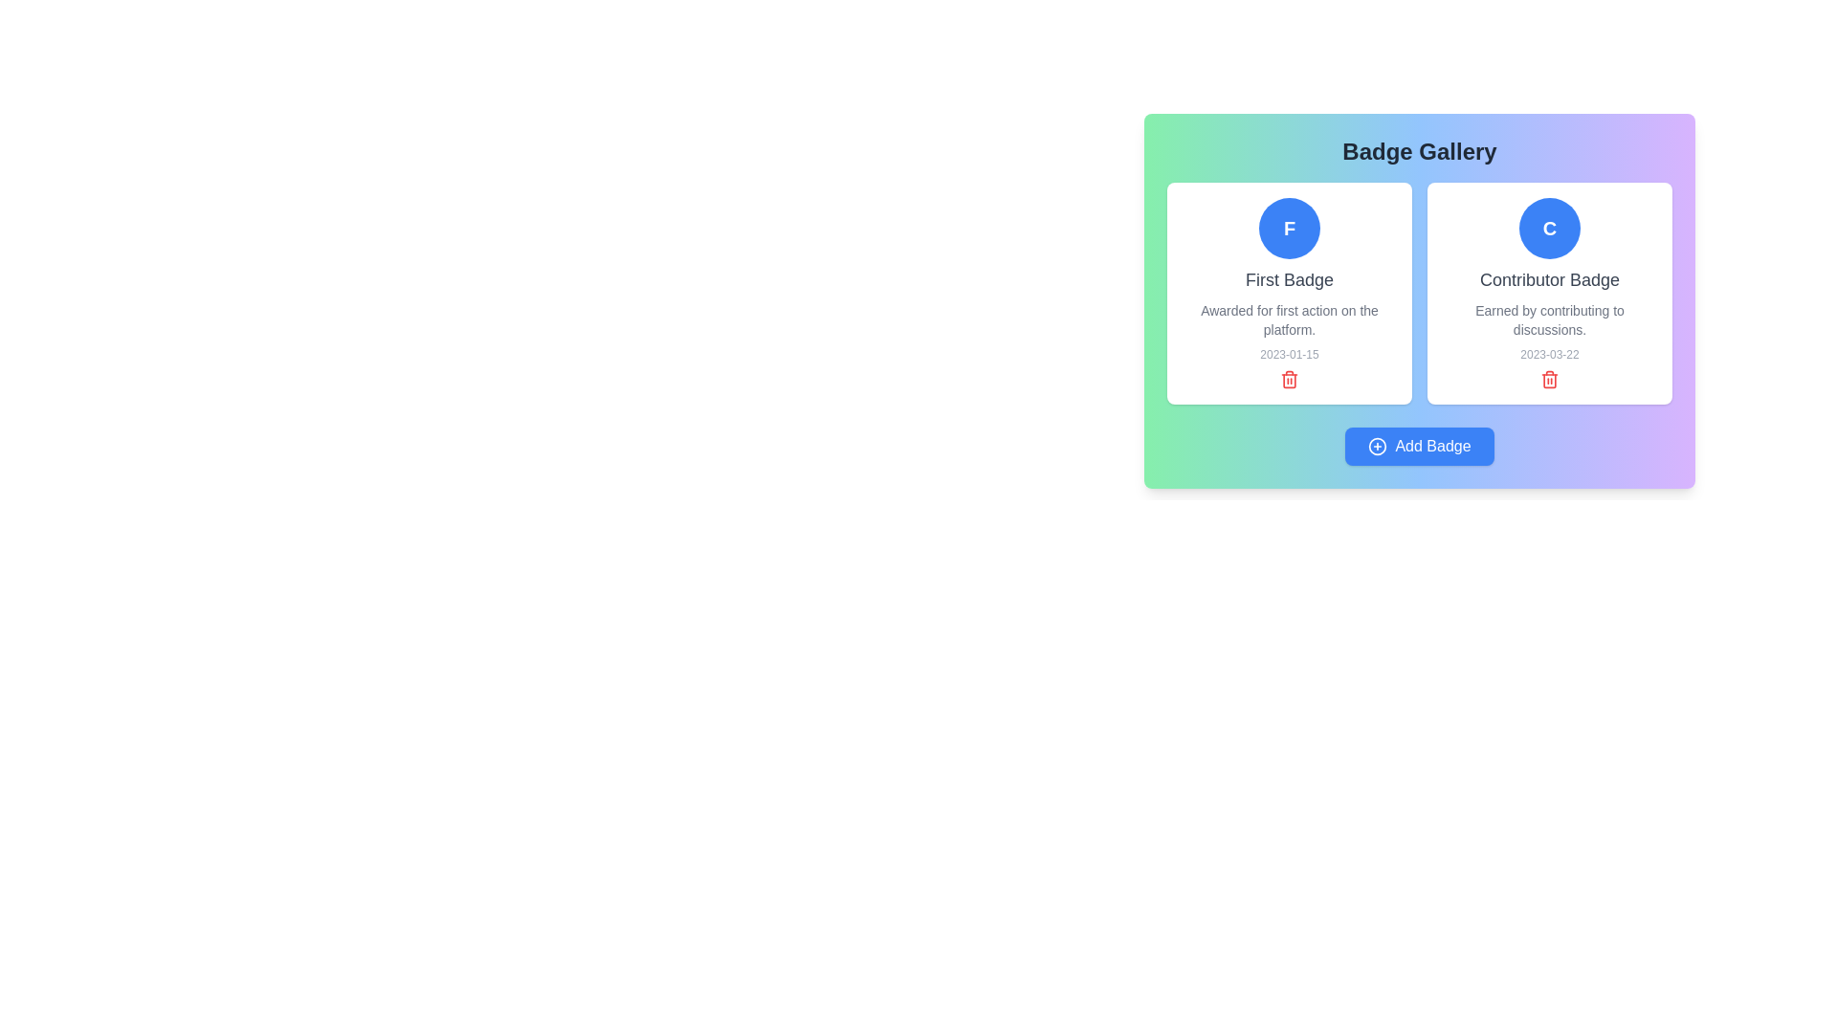  What do you see at coordinates (1550, 294) in the screenshot?
I see `the 'Contributor Badge' card, which is the second badge card in the top right corner of the badge section, located to the right of the 'First Badge' card` at bounding box center [1550, 294].